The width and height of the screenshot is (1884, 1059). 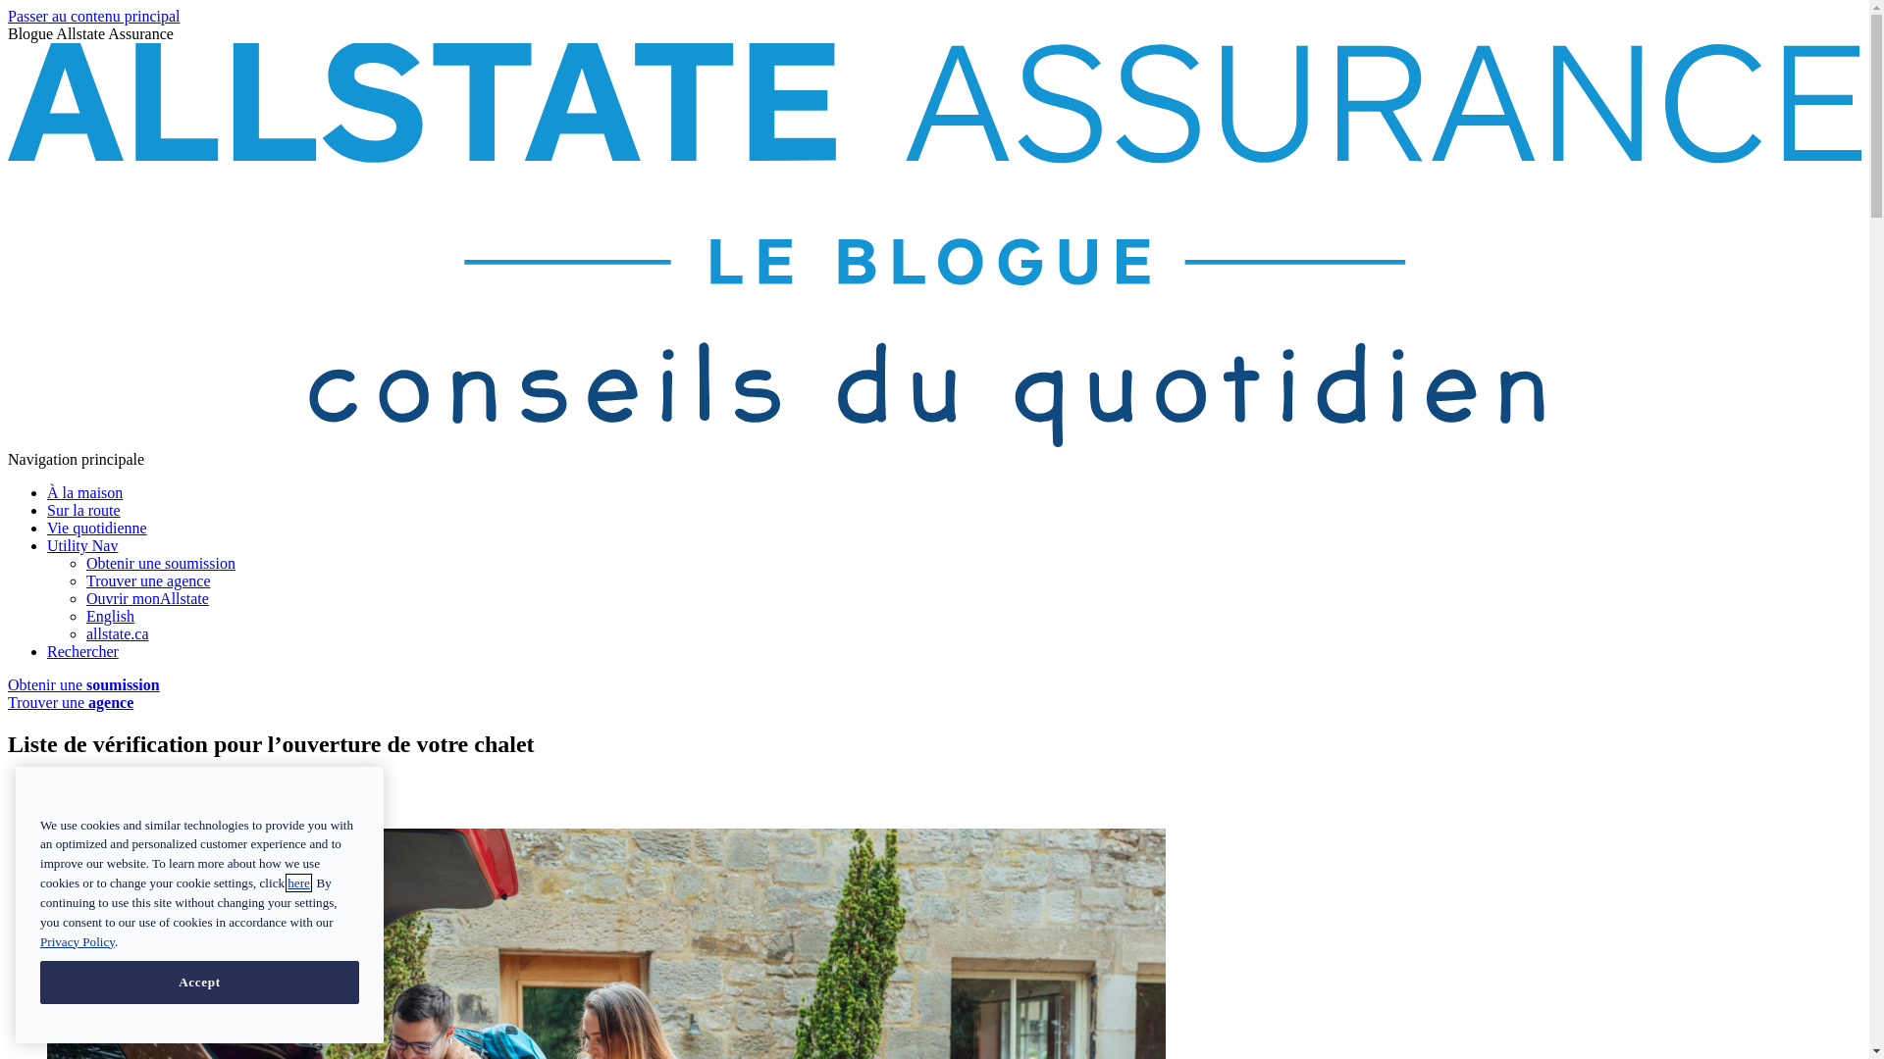 I want to click on 'Rechercher', so click(x=81, y=651).